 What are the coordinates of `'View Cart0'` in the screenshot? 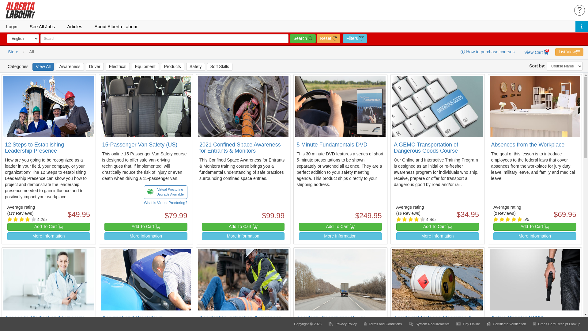 It's located at (536, 52).